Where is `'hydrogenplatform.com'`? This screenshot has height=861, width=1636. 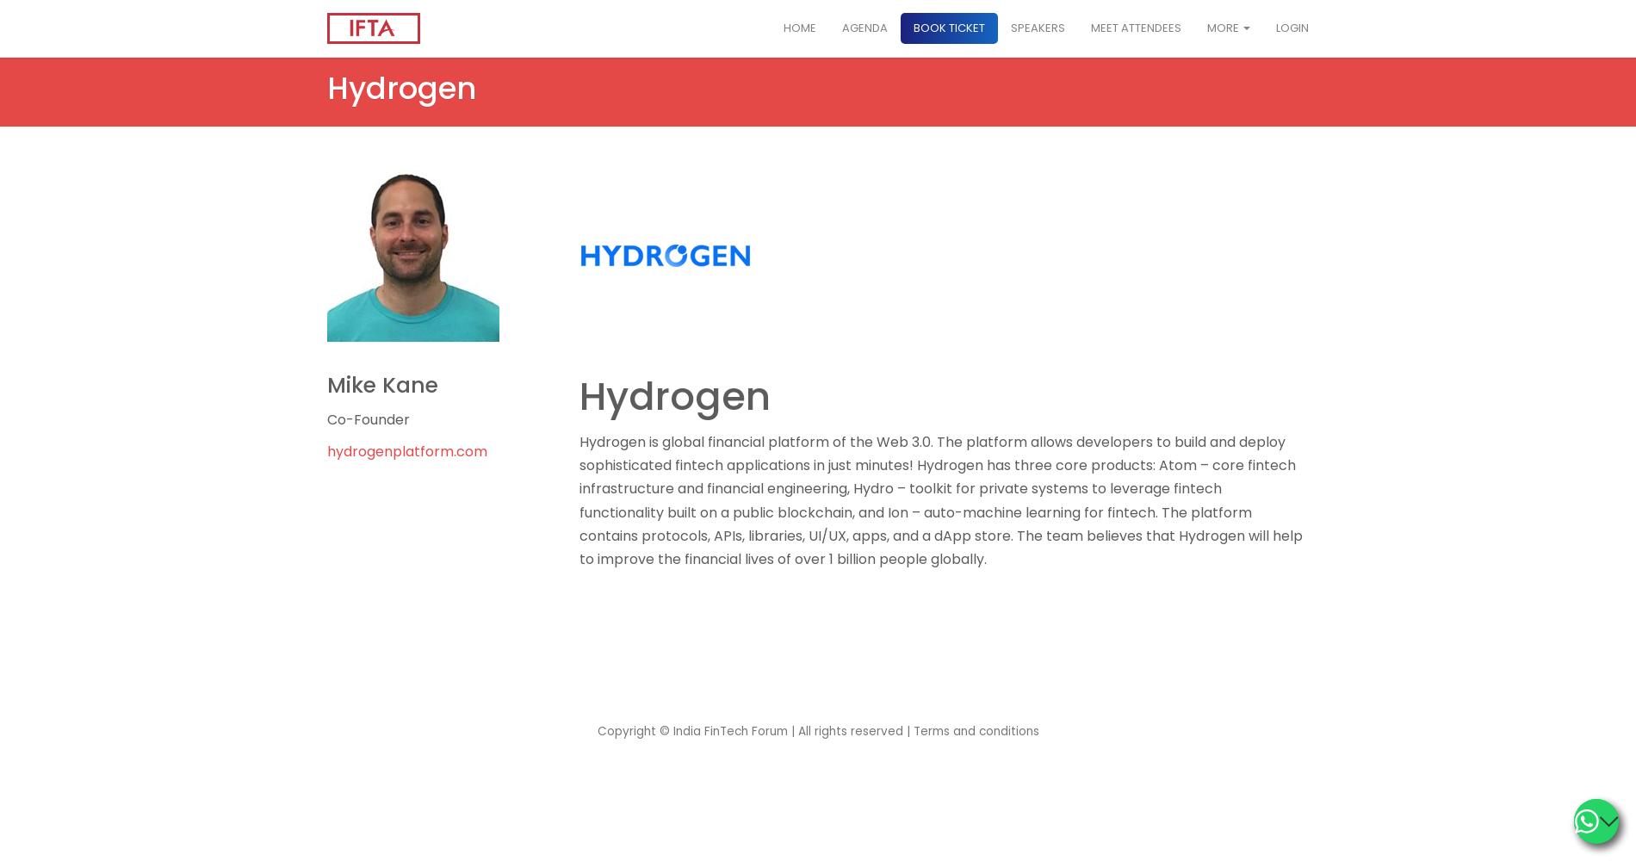
'hydrogenplatform.com' is located at coordinates (326, 451).